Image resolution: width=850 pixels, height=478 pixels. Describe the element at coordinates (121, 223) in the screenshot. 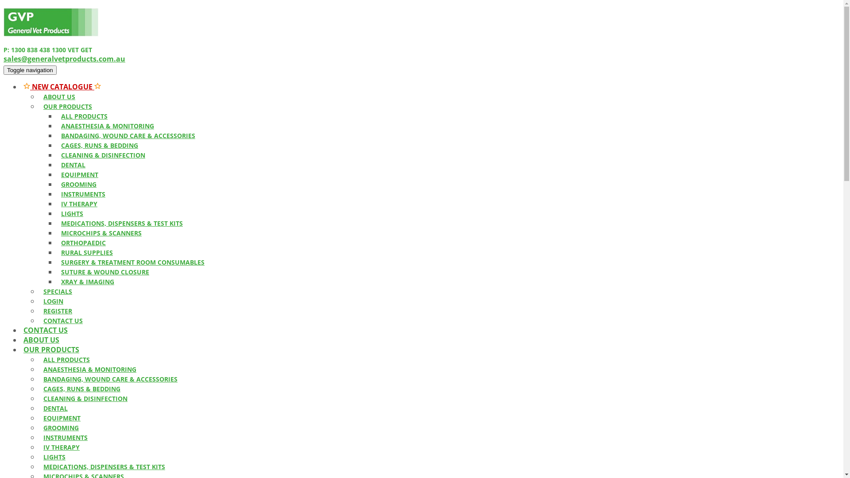

I see `'MEDICATIONS, DISPENSERS & TEST KITS'` at that location.